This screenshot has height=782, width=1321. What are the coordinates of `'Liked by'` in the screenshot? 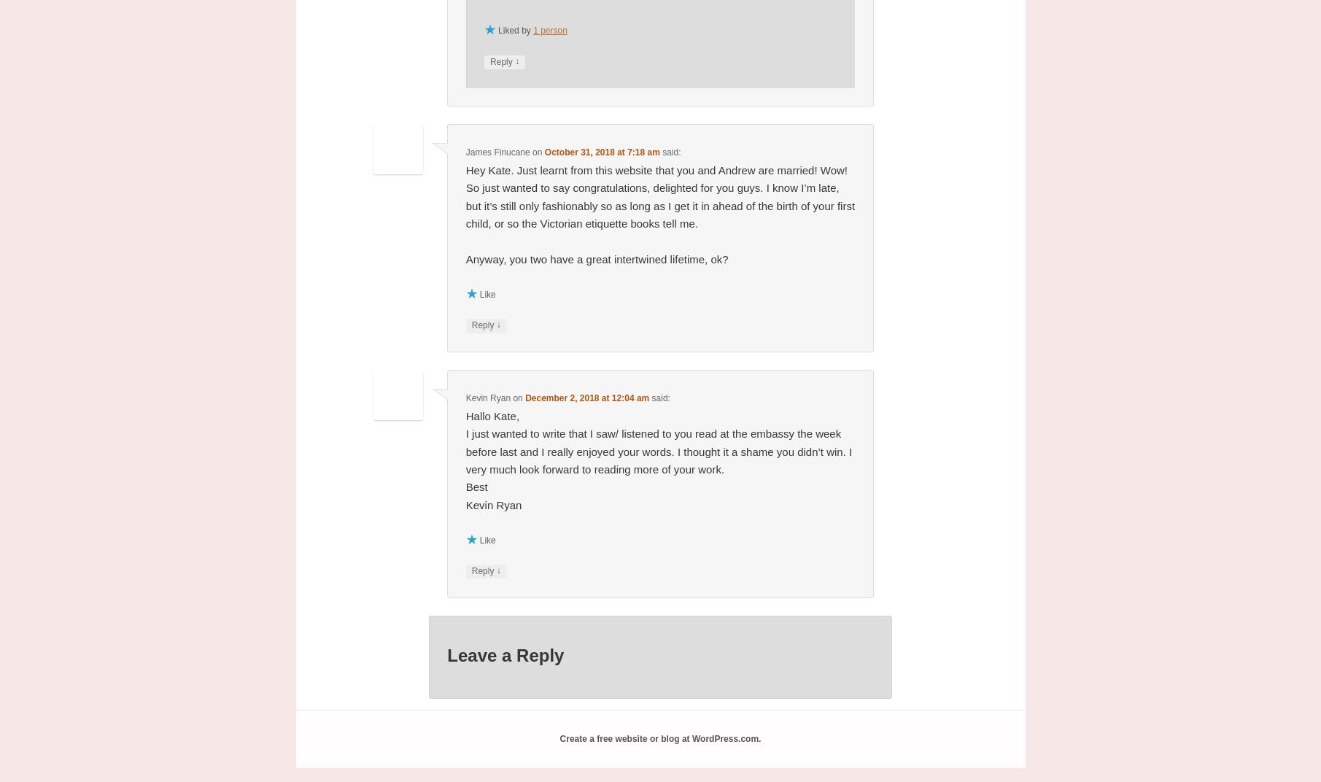 It's located at (515, 30).